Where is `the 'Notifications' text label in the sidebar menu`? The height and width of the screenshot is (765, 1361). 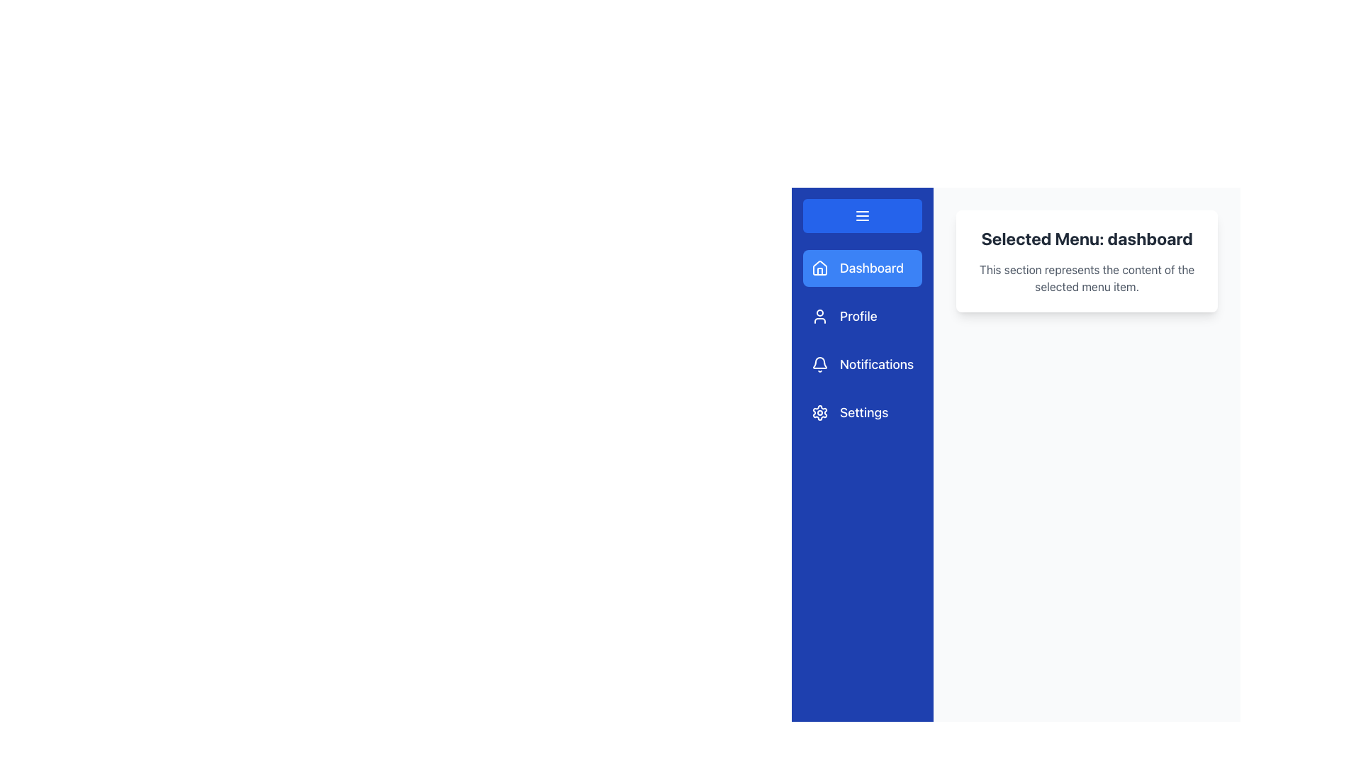 the 'Notifications' text label in the sidebar menu is located at coordinates (876, 364).